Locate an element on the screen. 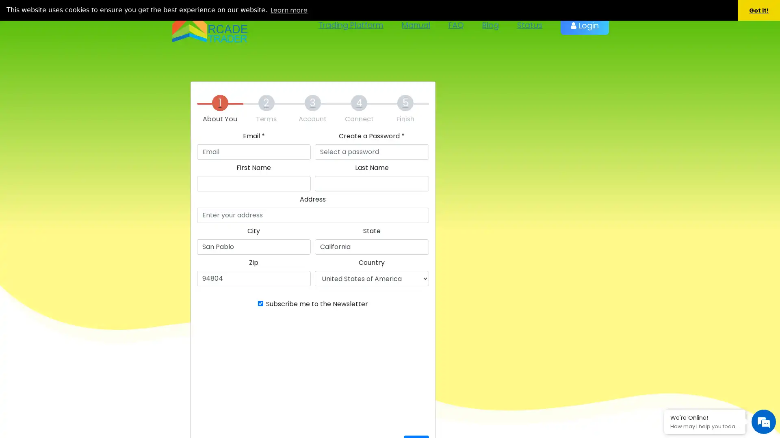 The height and width of the screenshot is (438, 780). learn more about cookies is located at coordinates (289, 10).